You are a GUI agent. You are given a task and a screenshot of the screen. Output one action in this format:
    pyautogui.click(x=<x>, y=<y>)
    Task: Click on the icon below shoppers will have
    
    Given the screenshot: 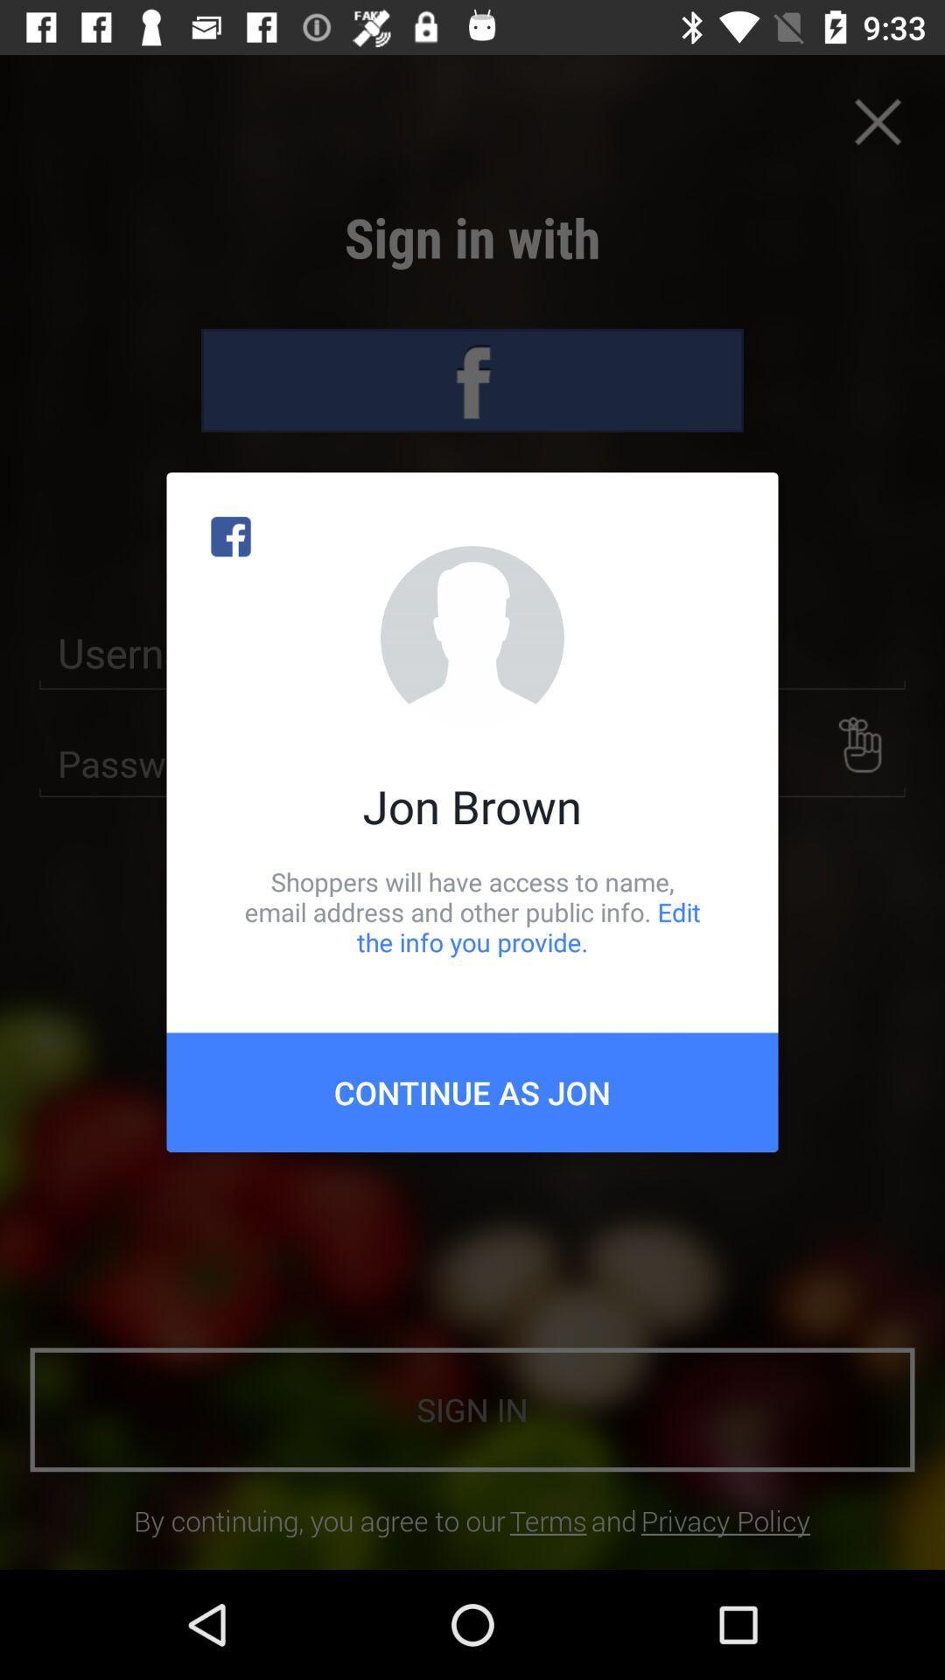 What is the action you would take?
    pyautogui.click(x=472, y=1091)
    